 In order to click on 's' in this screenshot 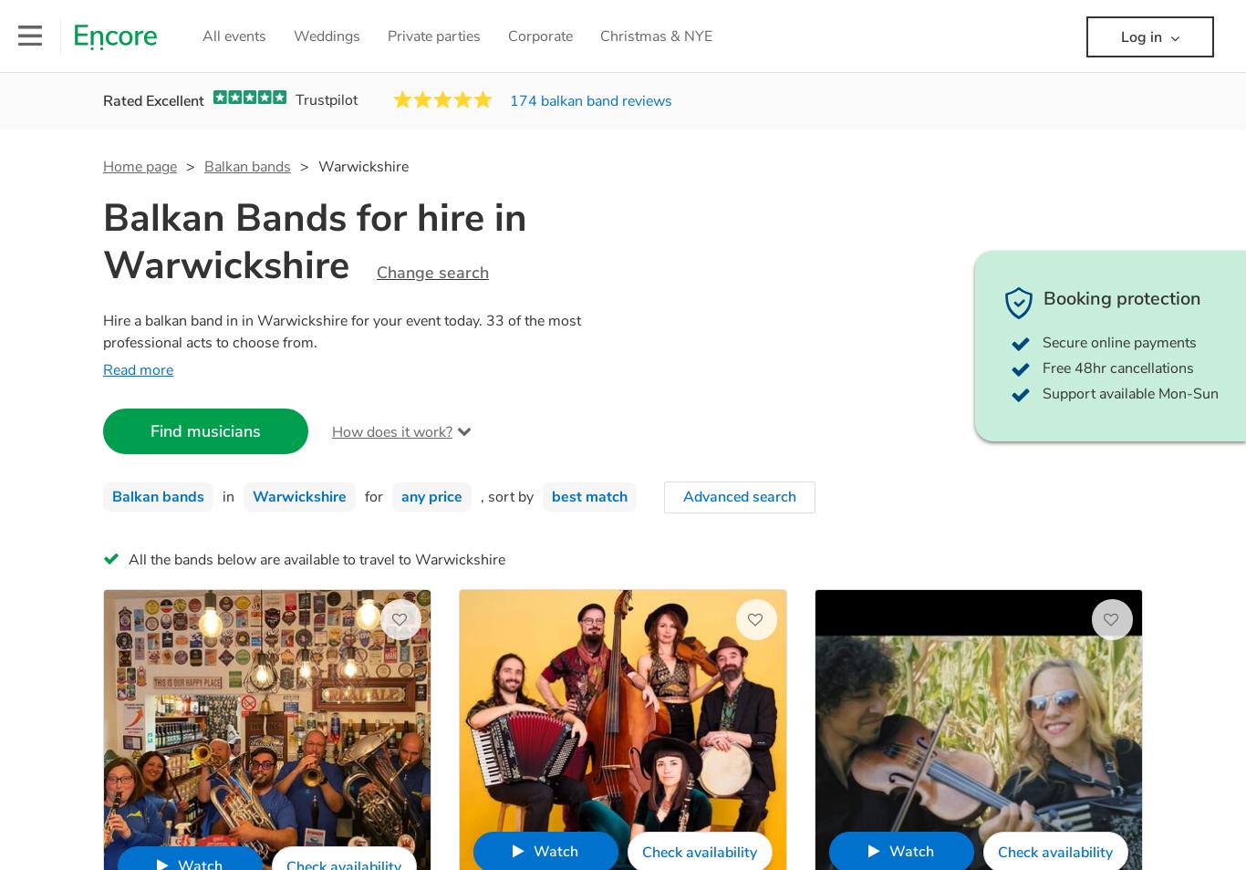, I will do `click(668, 100)`.